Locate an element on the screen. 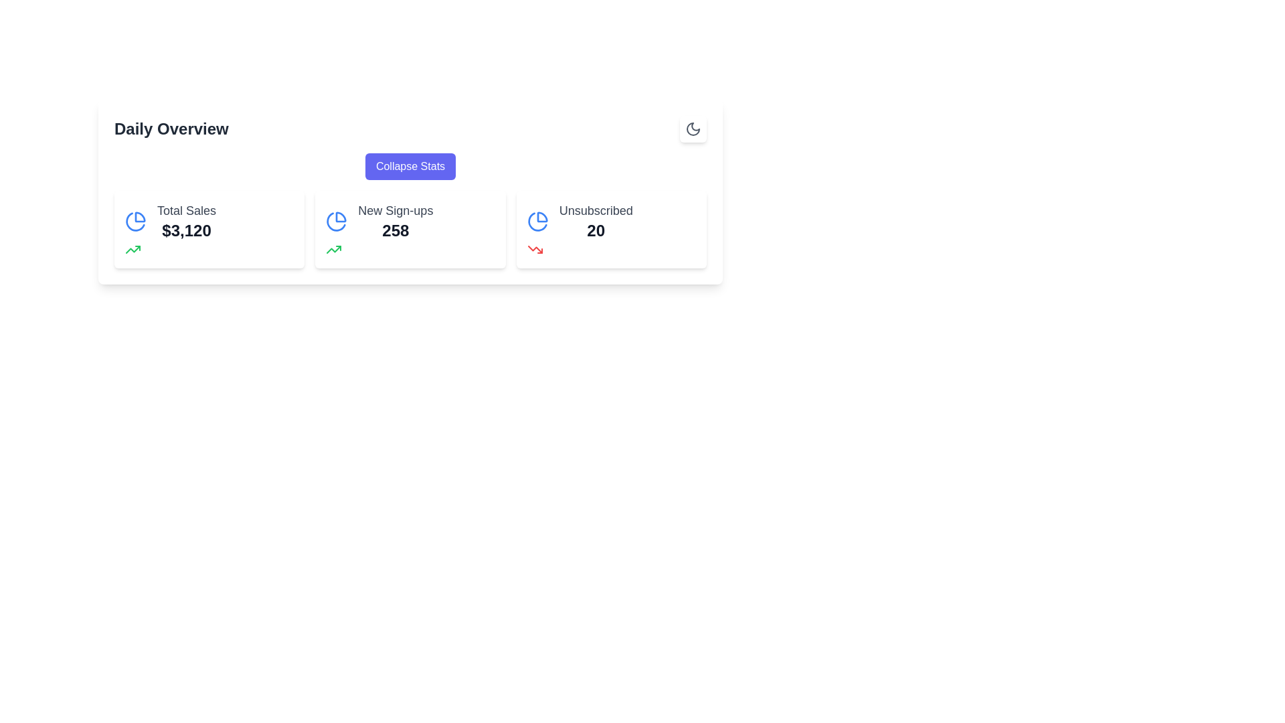  the visual proportions of the top segment of the pie chart icon located in the 'Total Sales' card under the 'Daily Overview' section is located at coordinates (140, 216).